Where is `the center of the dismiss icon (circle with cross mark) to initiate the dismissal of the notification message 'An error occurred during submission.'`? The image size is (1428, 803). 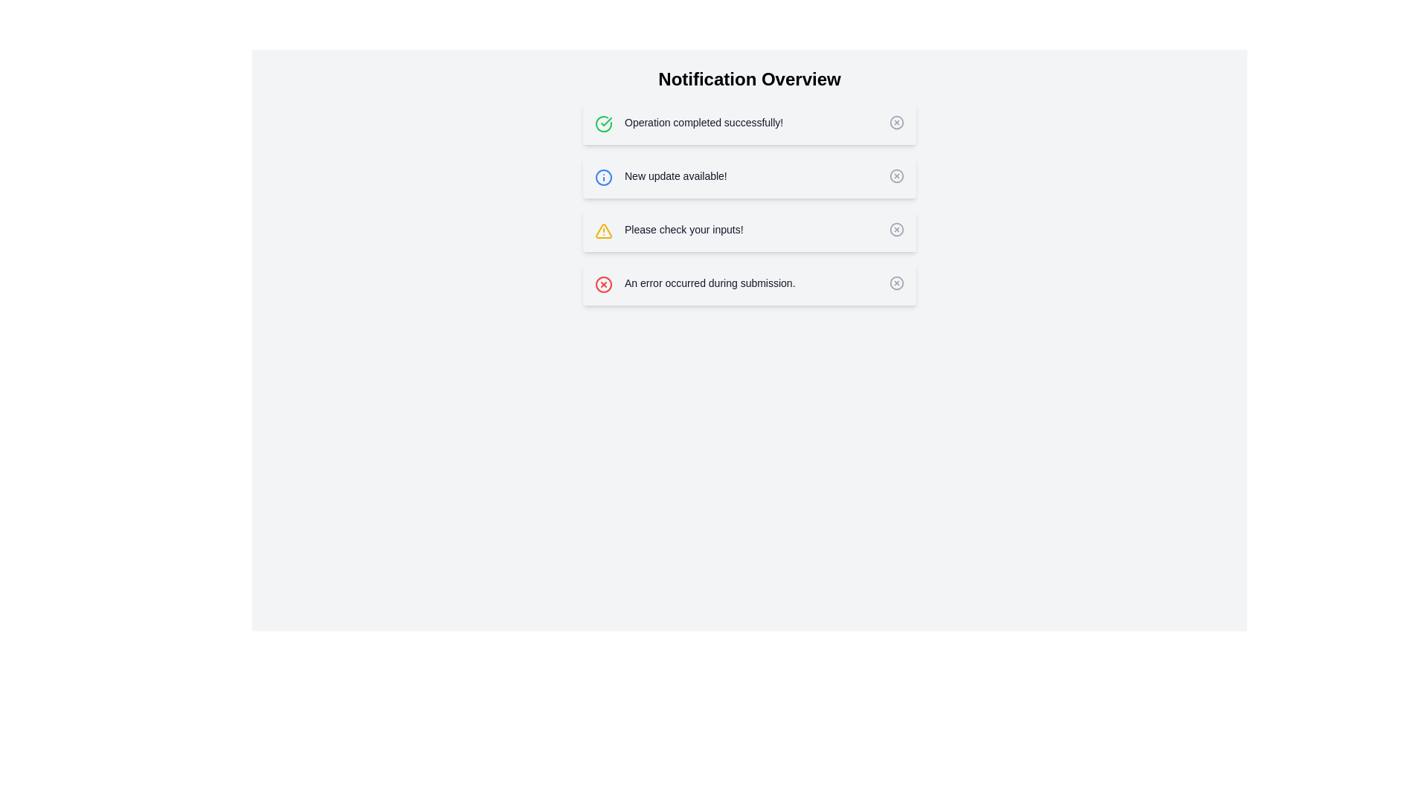
the center of the dismiss icon (circle with cross mark) to initiate the dismissal of the notification message 'An error occurred during submission.' is located at coordinates (603, 284).